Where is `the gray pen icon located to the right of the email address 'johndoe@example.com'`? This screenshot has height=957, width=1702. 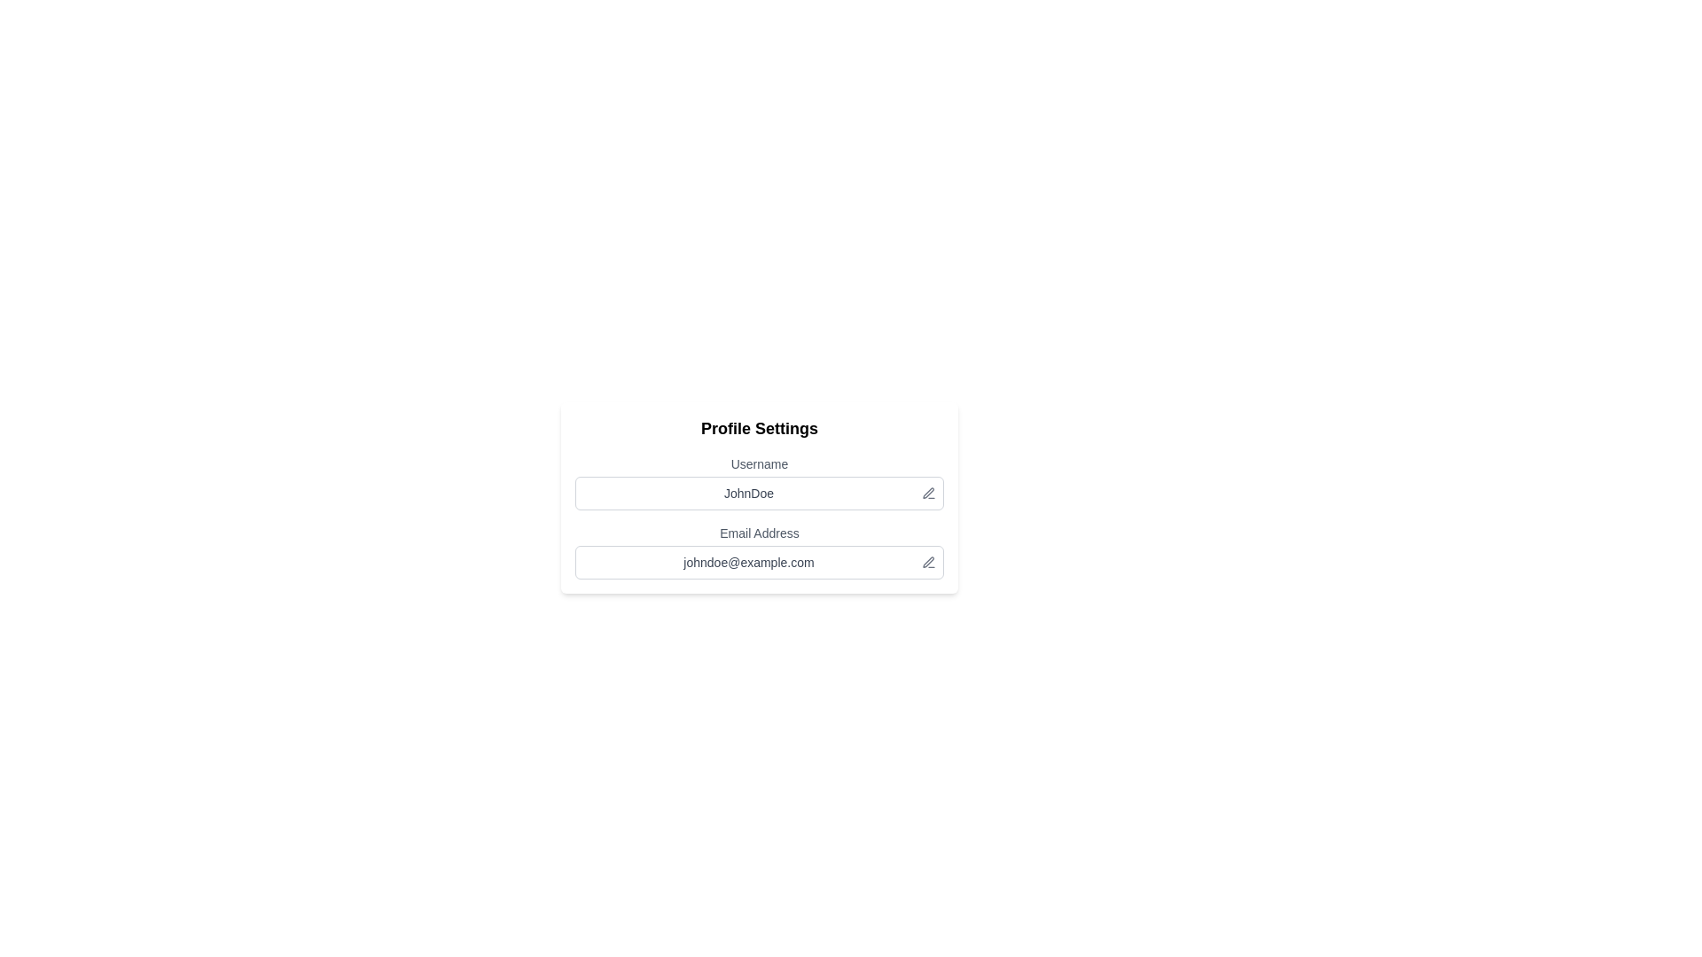 the gray pen icon located to the right of the email address 'johndoe@example.com' is located at coordinates (927, 563).